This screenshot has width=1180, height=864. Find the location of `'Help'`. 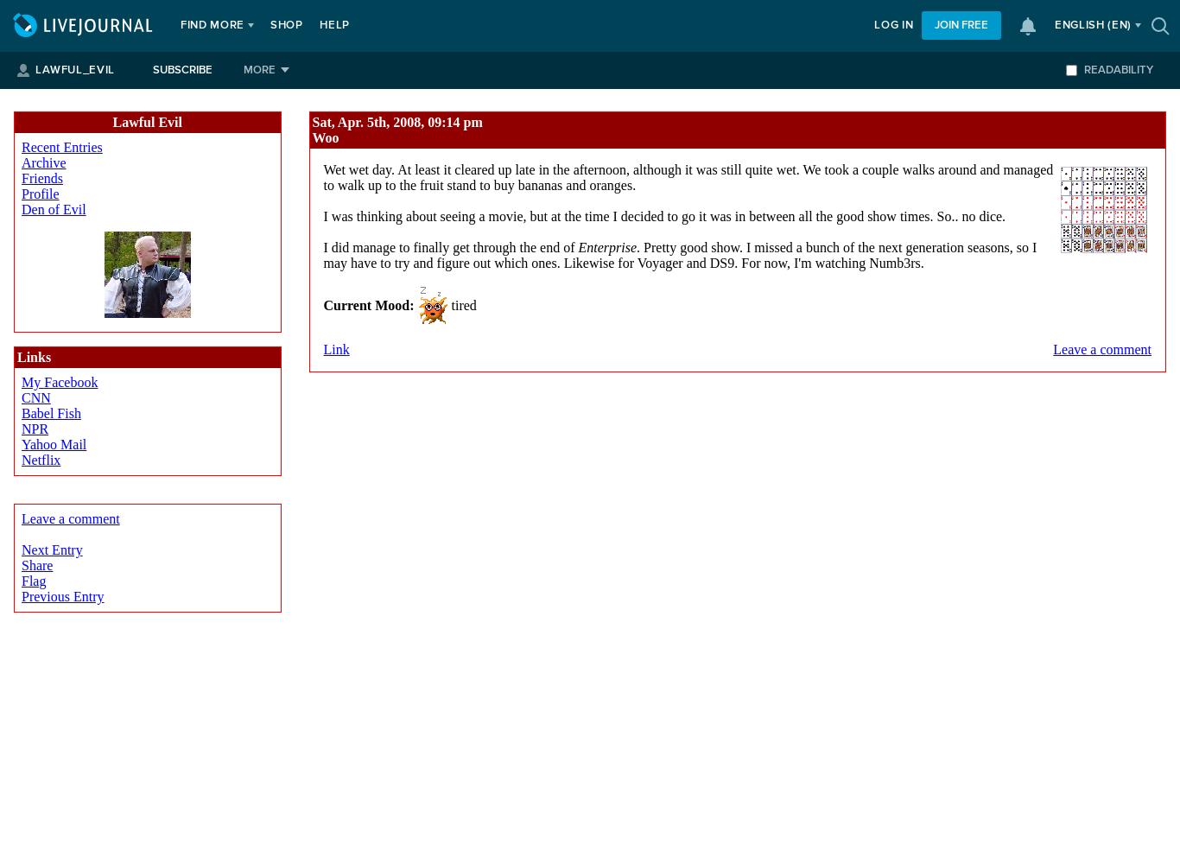

'Help' is located at coordinates (319, 25).